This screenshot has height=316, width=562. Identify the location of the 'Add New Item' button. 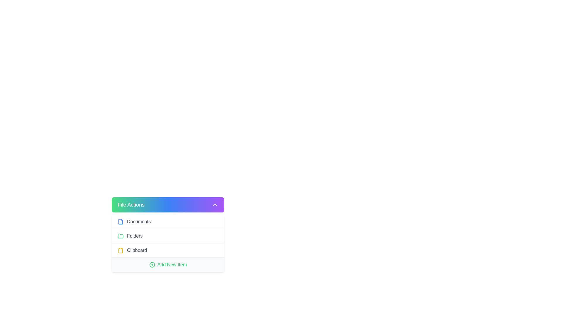
(168, 265).